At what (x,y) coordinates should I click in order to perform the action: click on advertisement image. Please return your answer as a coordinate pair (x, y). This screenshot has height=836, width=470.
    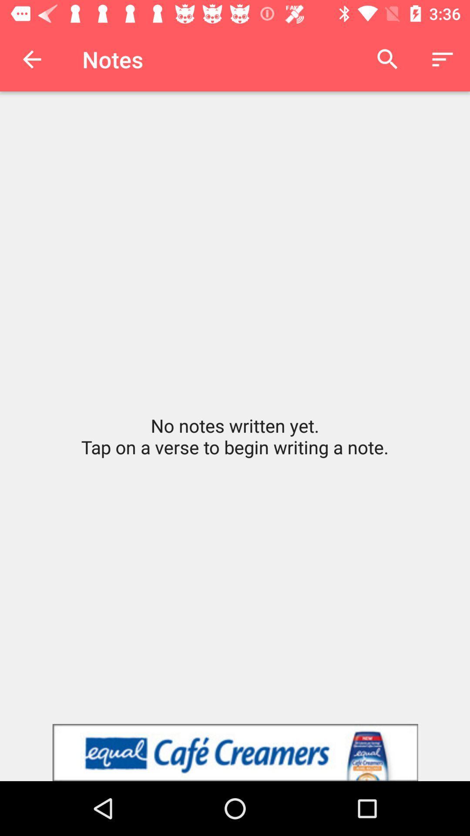
    Looking at the image, I should click on (235, 752).